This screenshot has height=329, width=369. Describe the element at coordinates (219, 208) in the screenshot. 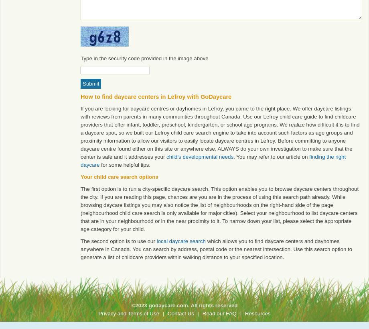

I see `'The first option is to run a city-specific daycare search. This option enables you to browse daycare centers throughout the city. If you are reading this page, chances are you are in the process of using this search path already. While browsing daycare listings you may also notice the list of neighbourhoods on the right-hand side of the page (neighbourhood child care search is only available for major cities). Select your neighbourhood to list daycare centers that are in your neighbourhood or in the near proximity to it. To narrow down your list, please select the appropriate age category for your child.'` at that location.